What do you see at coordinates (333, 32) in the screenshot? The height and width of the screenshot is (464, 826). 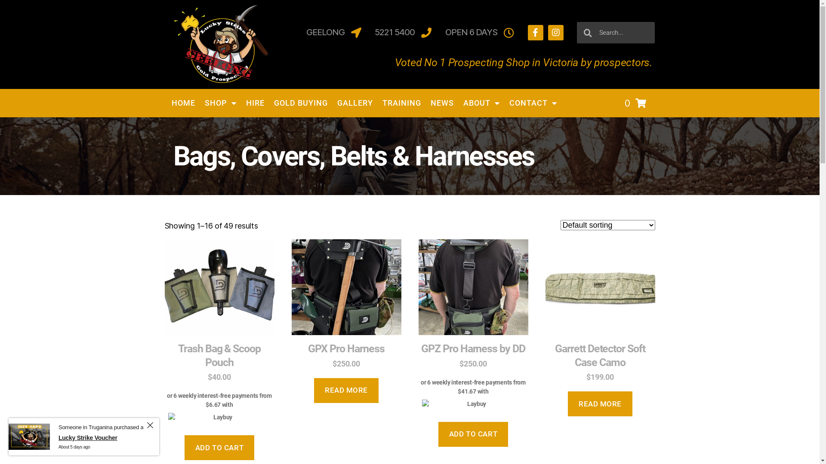 I see `'GEELONG'` at bounding box center [333, 32].